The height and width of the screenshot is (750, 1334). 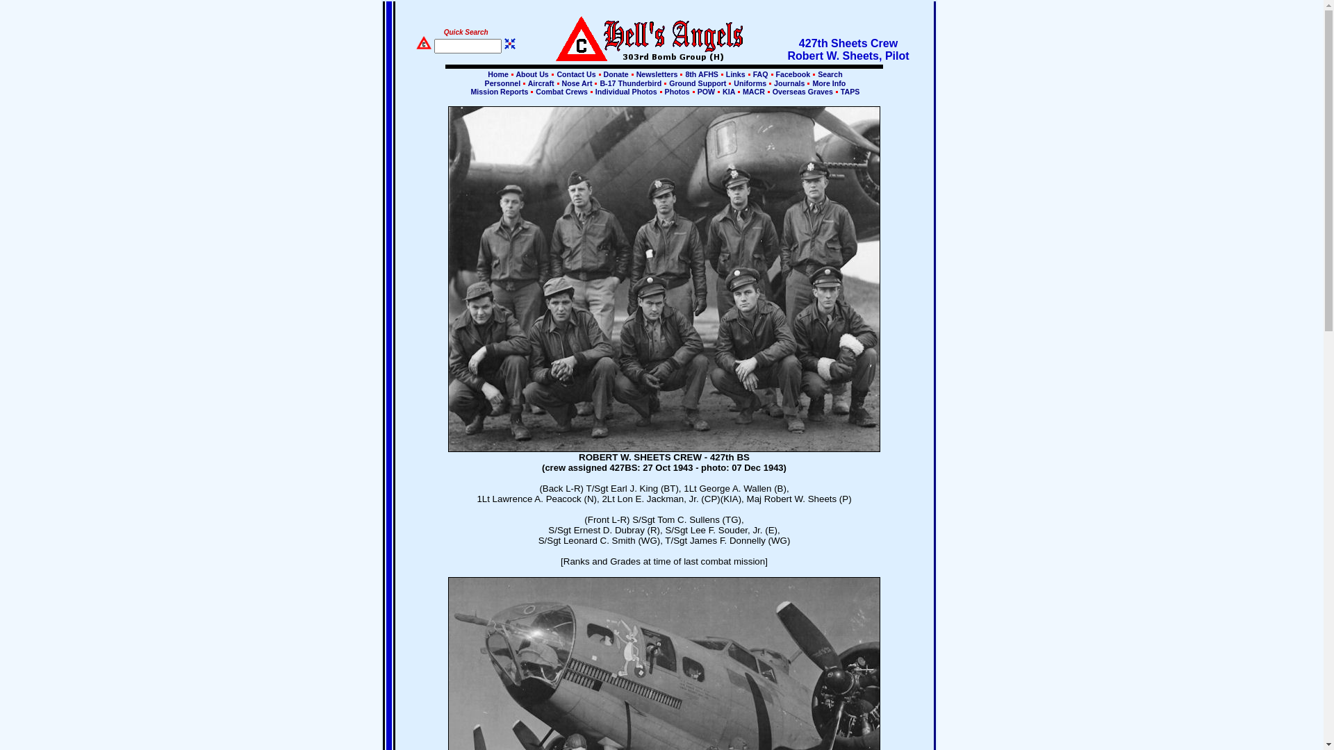 I want to click on 'Individual Photos', so click(x=625, y=91).